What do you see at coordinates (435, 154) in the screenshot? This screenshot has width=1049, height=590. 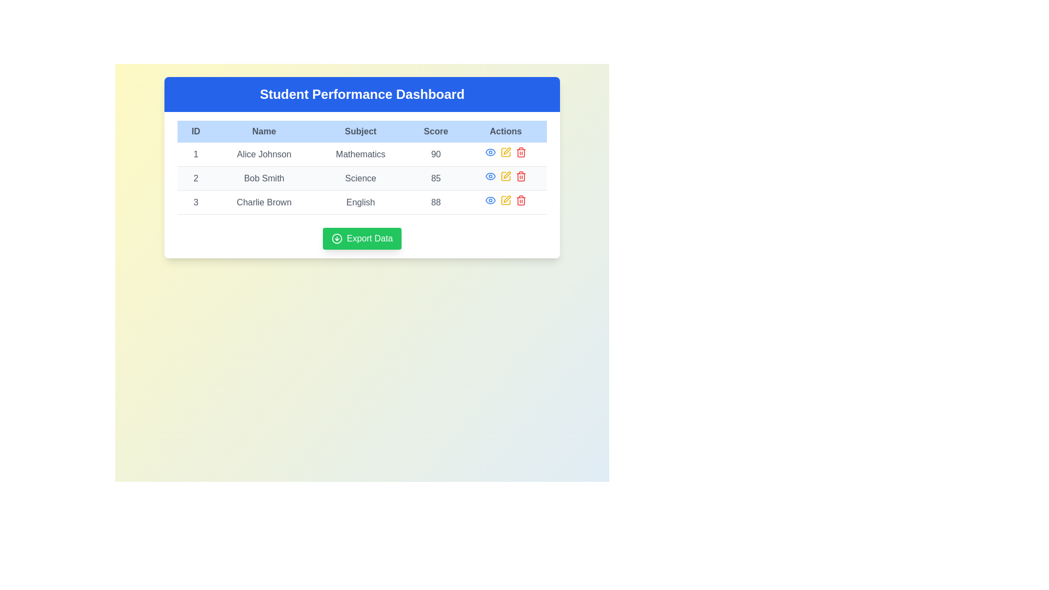 I see `the text component displaying the number '90' in black color with a white background, located in the fourth cell of the first row of a structured data grid for 'Alice Johnson'` at bounding box center [435, 154].